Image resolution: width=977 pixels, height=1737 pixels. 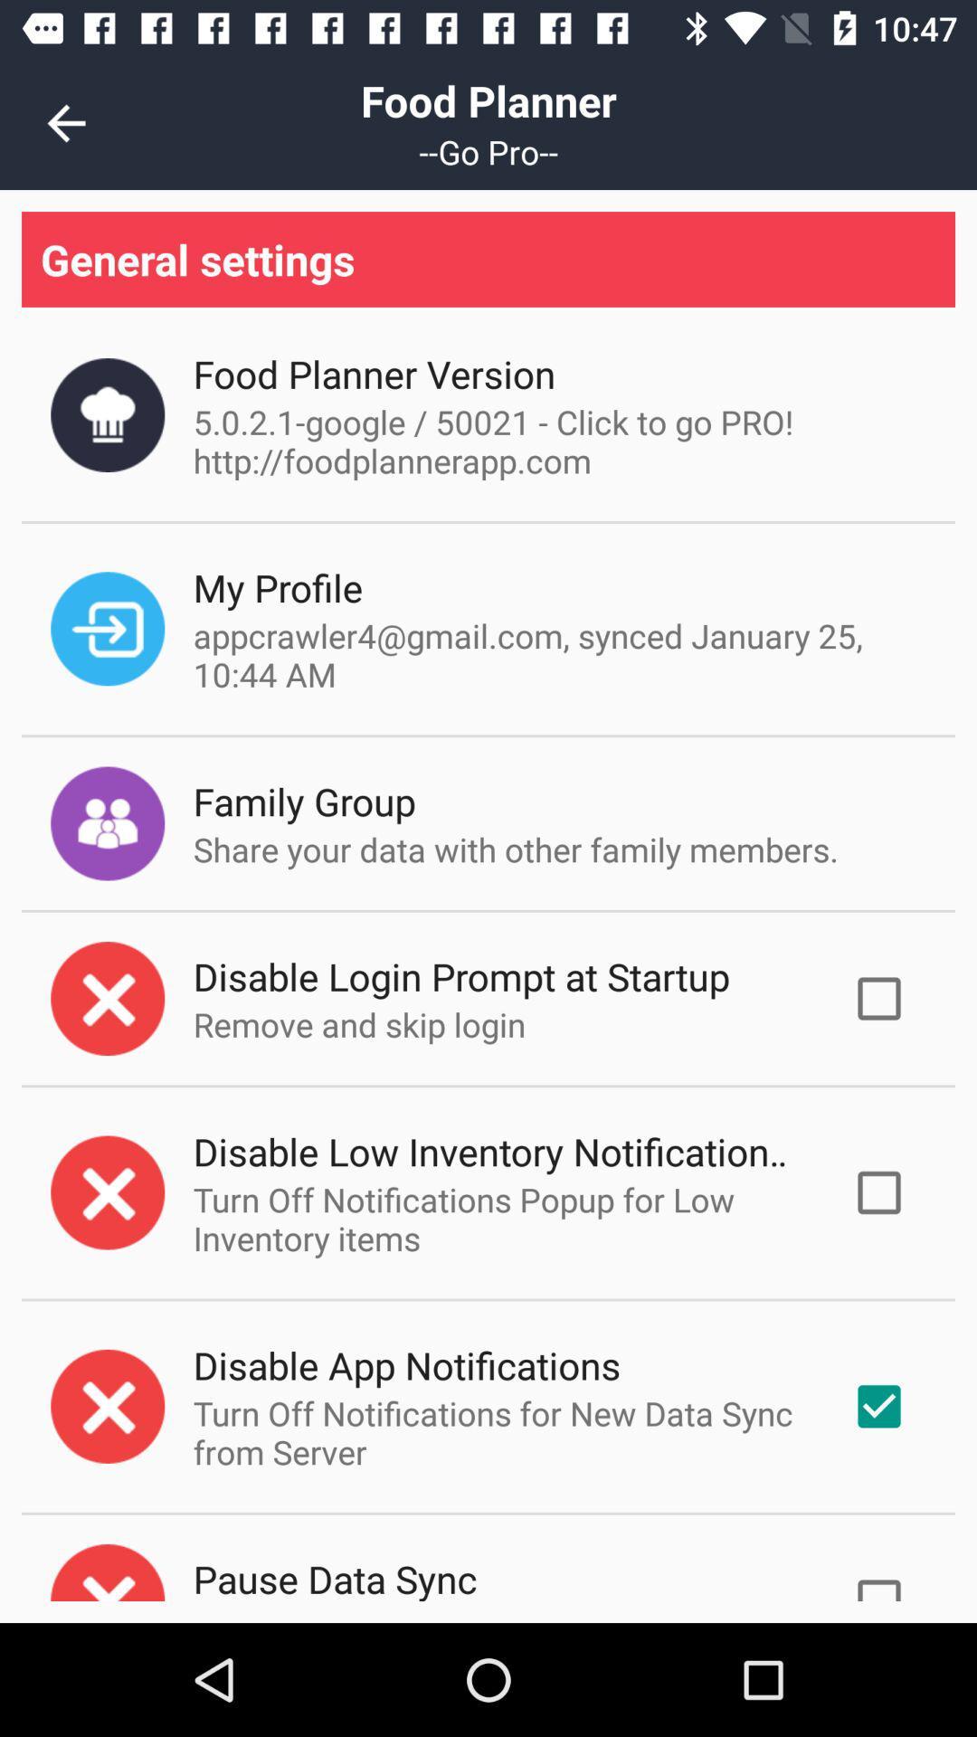 I want to click on the item above disable low inventory icon, so click(x=359, y=1024).